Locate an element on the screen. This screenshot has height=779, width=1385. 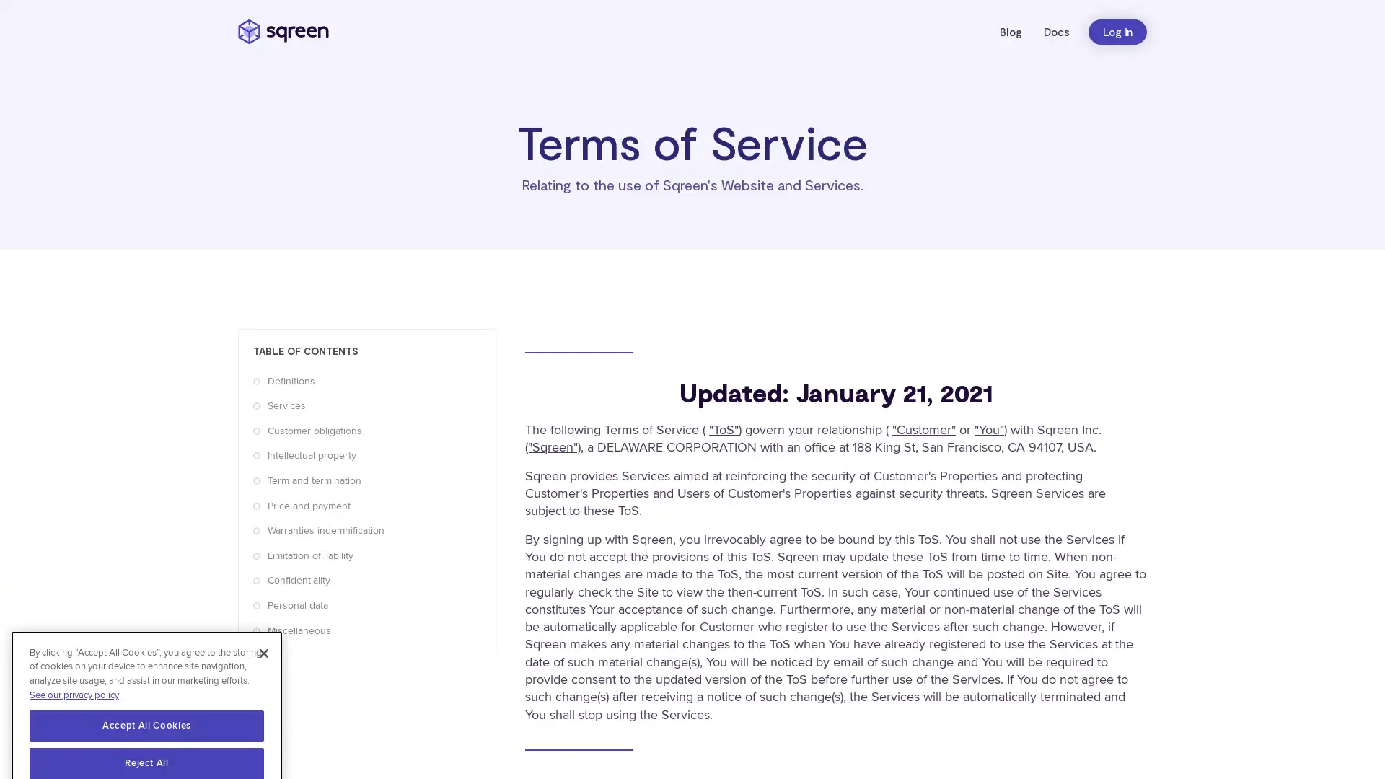
Accept All Cookies is located at coordinates (146, 686).